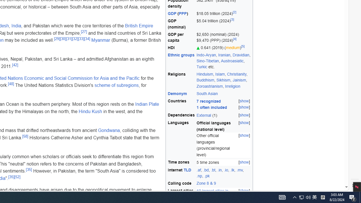 The height and width of the screenshot is (203, 361). Describe the element at coordinates (181, 55) in the screenshot. I see `'Ethnic groups'` at that location.